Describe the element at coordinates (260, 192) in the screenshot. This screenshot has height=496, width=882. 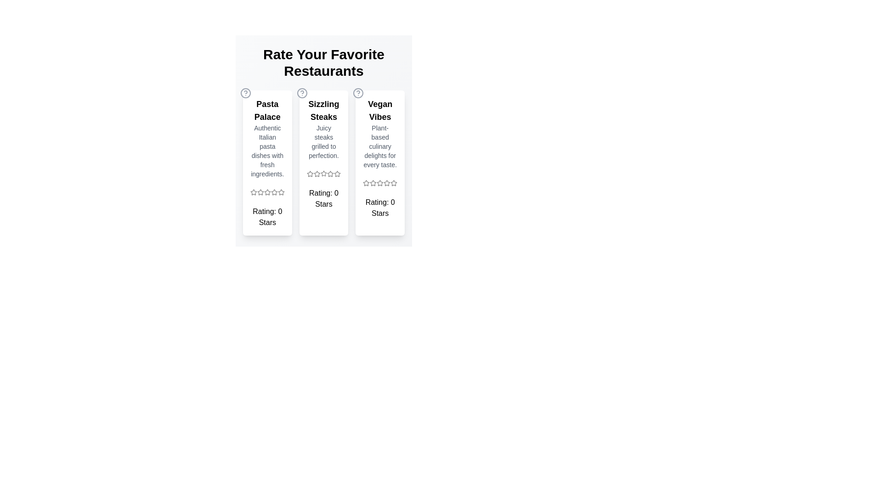
I see `the star icon for 2 stars in the Pasta Palace section` at that location.